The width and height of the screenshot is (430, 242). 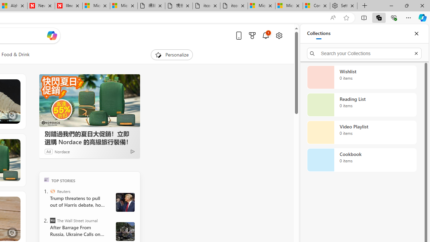 What do you see at coordinates (416, 53) in the screenshot?
I see `'Exit search'` at bounding box center [416, 53].